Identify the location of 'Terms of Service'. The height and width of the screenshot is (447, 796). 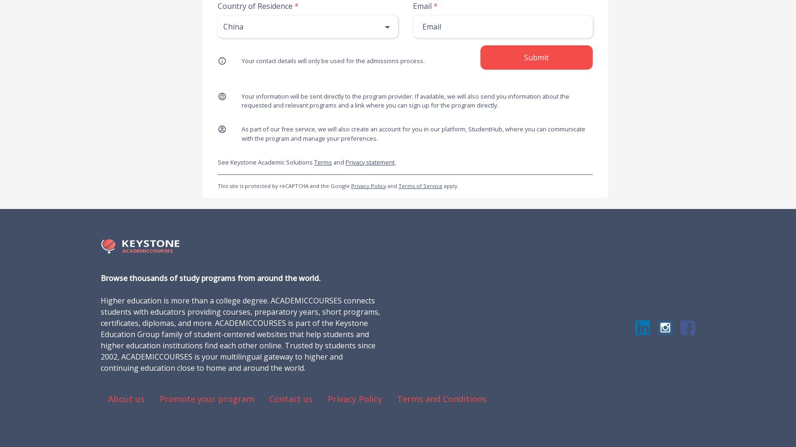
(420, 185).